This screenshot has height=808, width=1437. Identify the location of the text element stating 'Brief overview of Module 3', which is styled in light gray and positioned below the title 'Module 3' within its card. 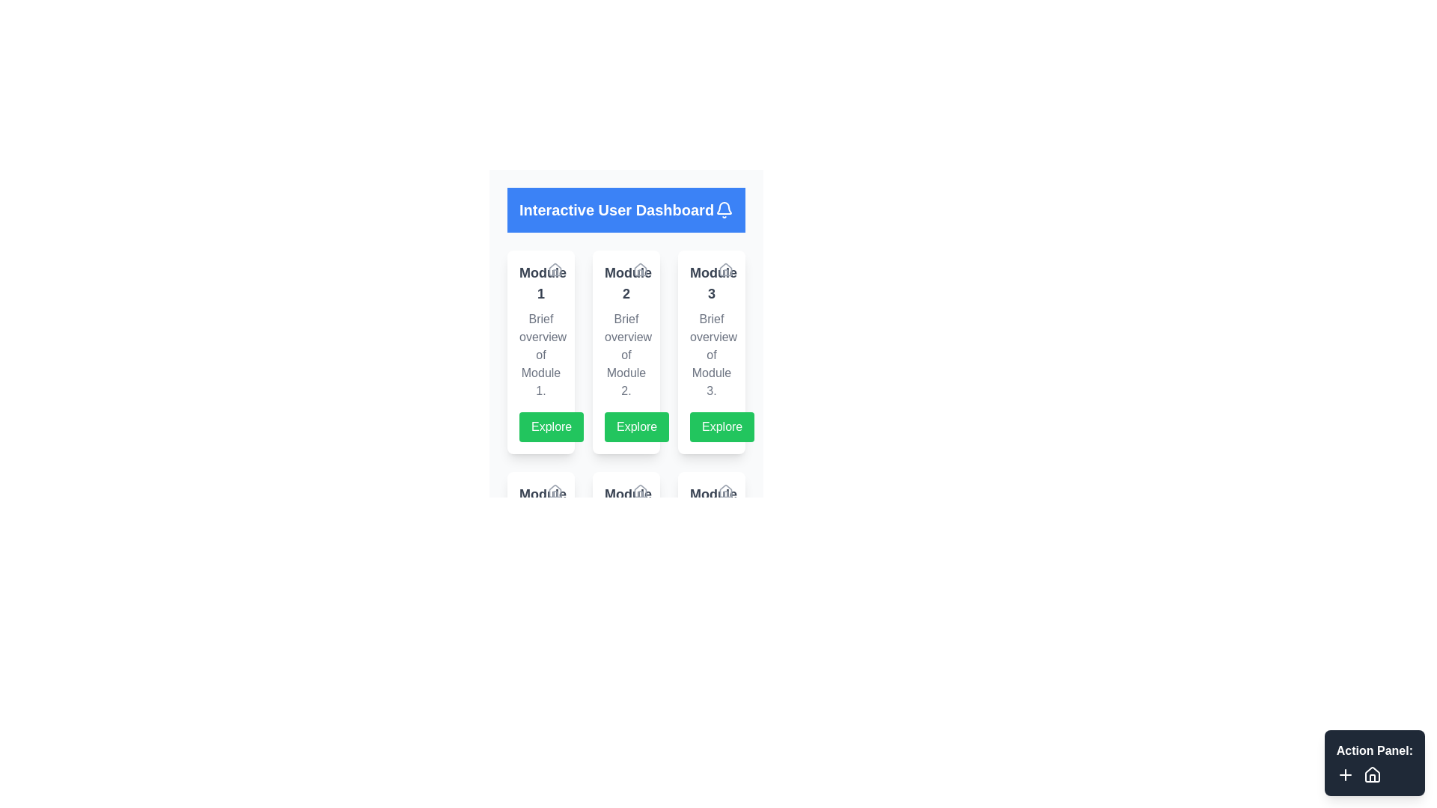
(710, 355).